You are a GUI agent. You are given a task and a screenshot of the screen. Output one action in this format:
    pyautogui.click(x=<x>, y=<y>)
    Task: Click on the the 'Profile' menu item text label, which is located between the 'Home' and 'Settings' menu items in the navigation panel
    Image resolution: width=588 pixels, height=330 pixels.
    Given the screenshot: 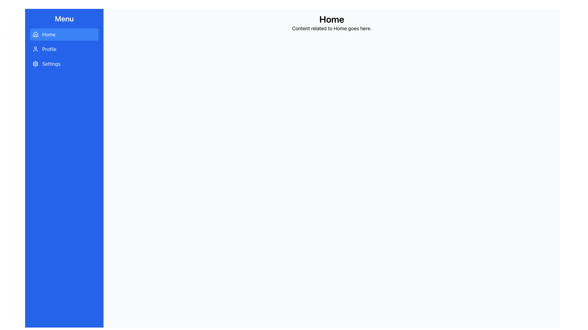 What is the action you would take?
    pyautogui.click(x=49, y=49)
    